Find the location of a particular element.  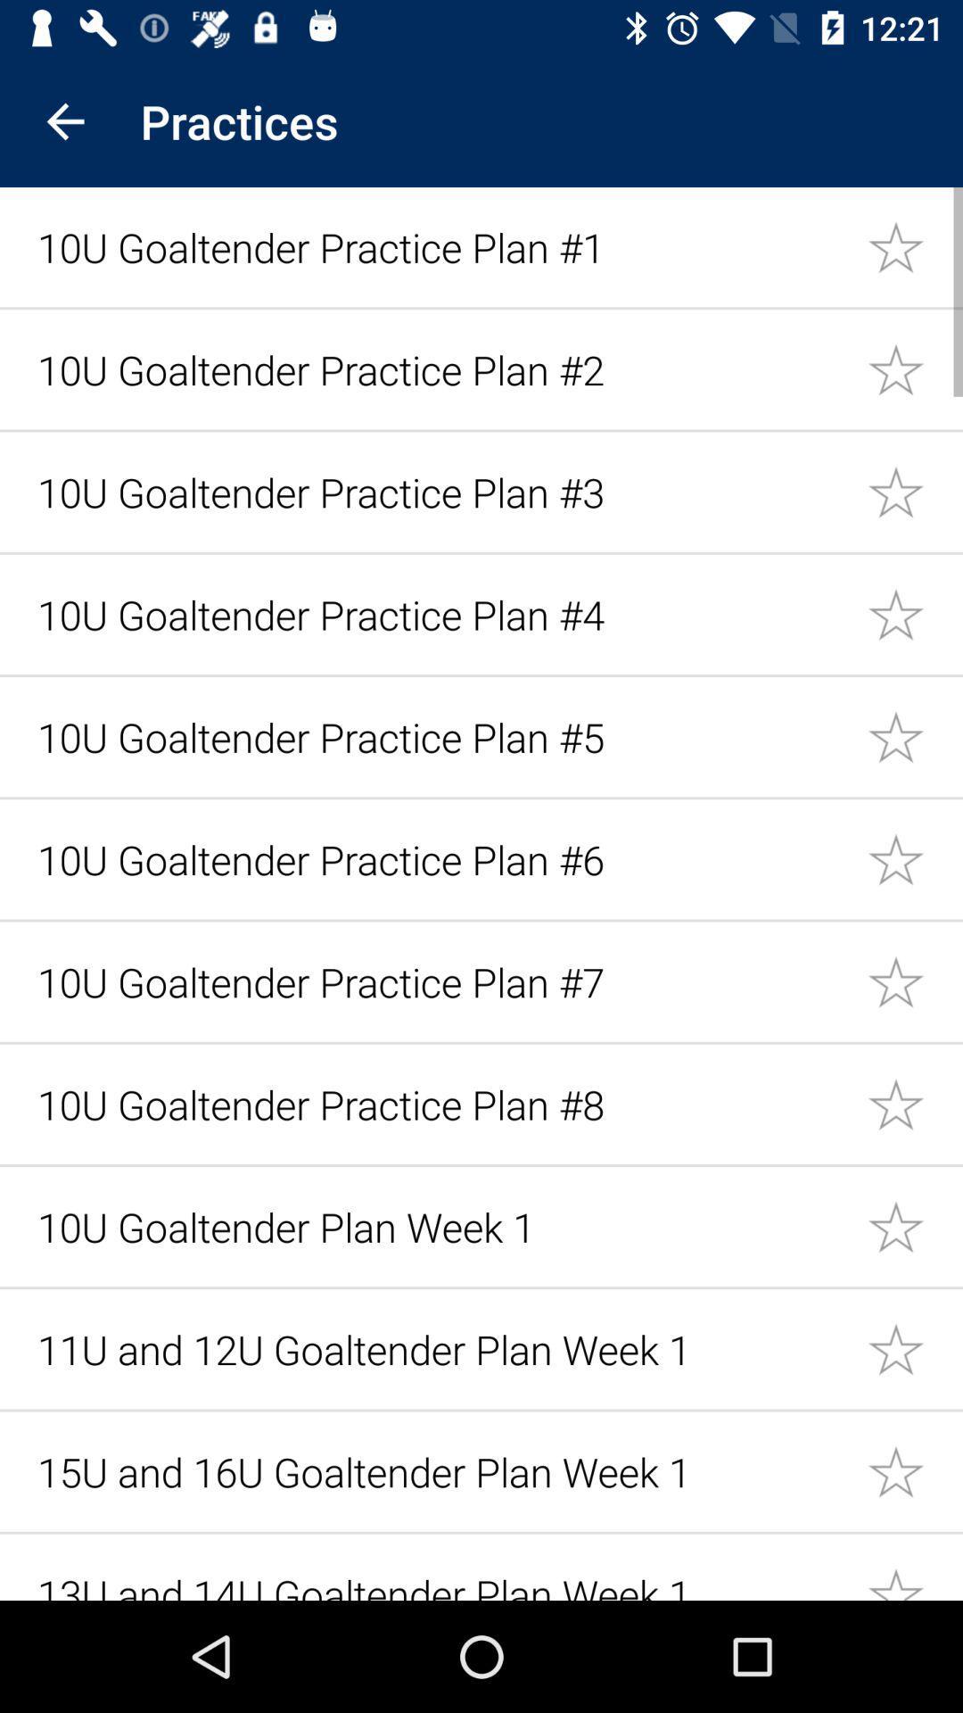

set favorite to 15u and 16u goaltender plan week1 is located at coordinates (915, 1471).